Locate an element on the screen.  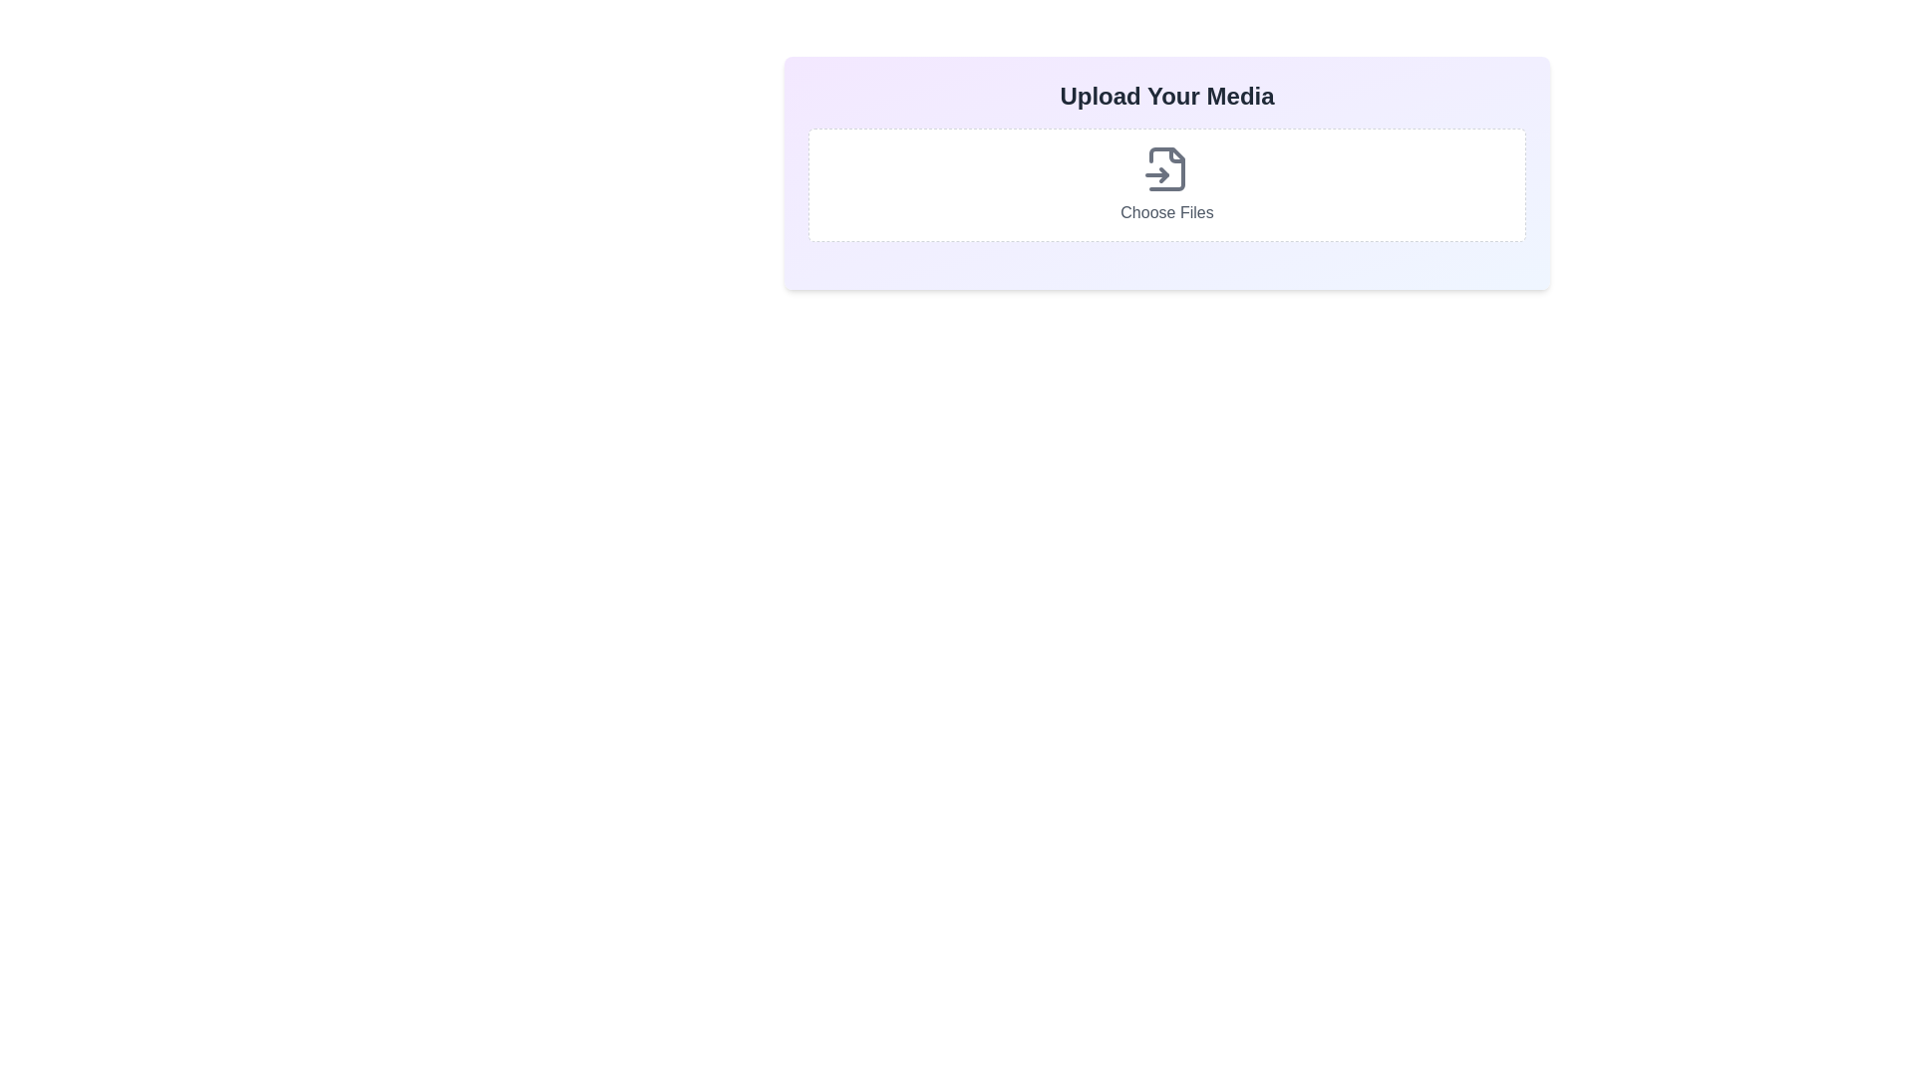
the area surrounding the SVG file input icon is located at coordinates (1176, 153).